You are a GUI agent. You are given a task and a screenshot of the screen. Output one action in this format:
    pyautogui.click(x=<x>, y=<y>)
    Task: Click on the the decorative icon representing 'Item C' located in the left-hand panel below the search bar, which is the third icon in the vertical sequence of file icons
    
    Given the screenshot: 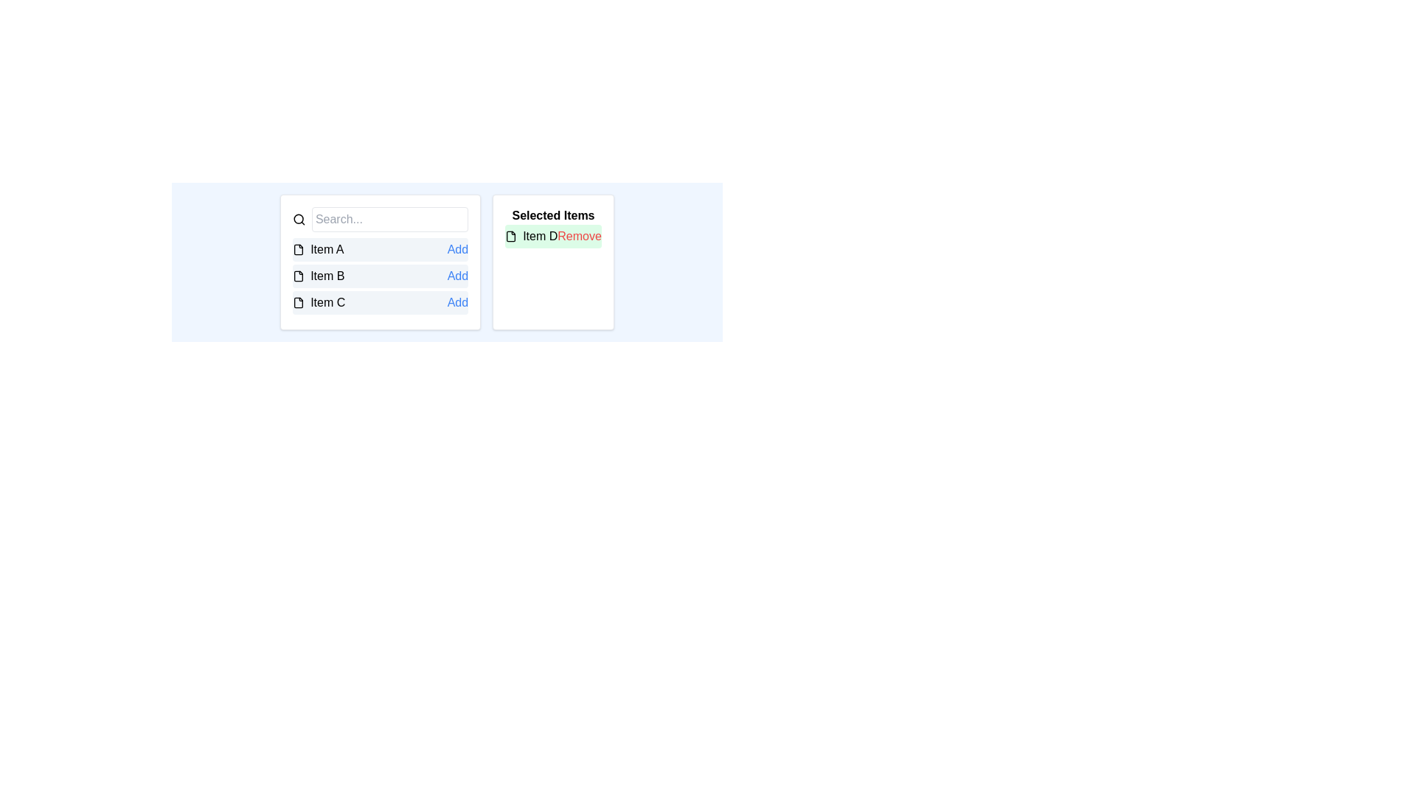 What is the action you would take?
    pyautogui.click(x=298, y=302)
    